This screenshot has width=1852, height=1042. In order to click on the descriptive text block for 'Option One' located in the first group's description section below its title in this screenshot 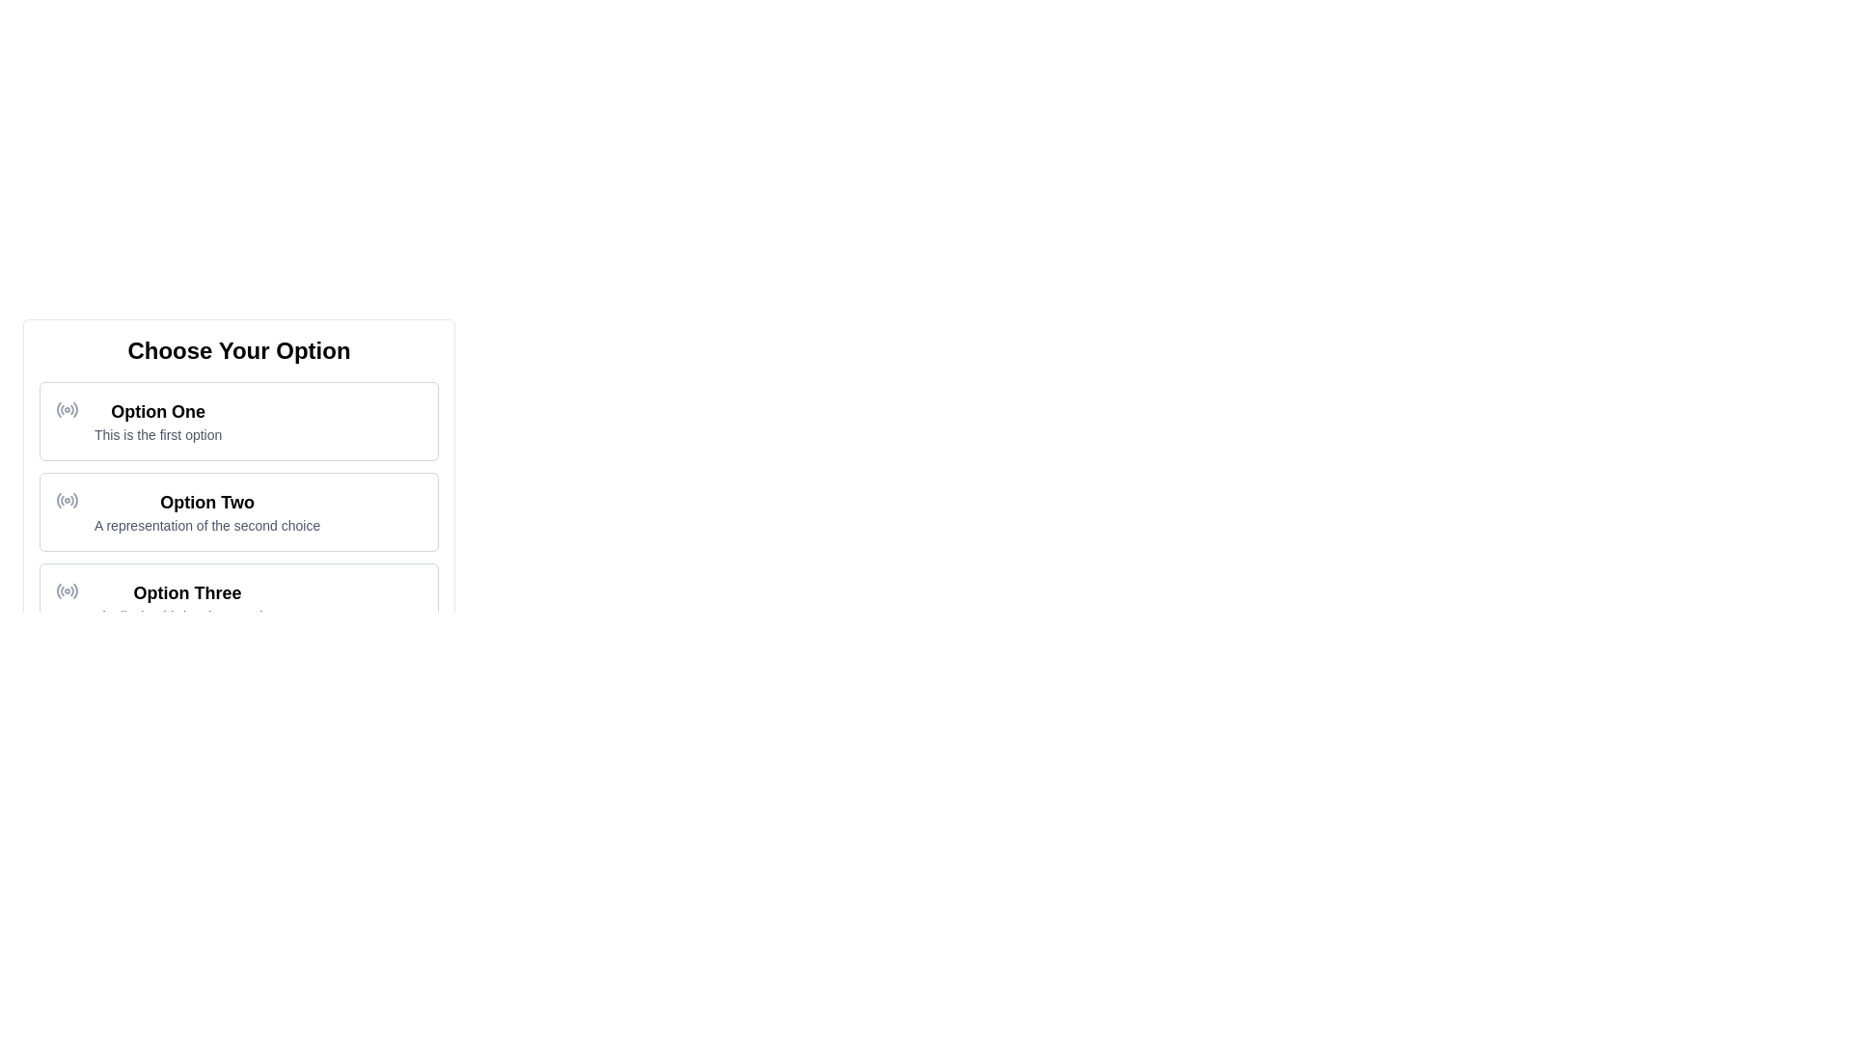, I will do `click(158, 435)`.